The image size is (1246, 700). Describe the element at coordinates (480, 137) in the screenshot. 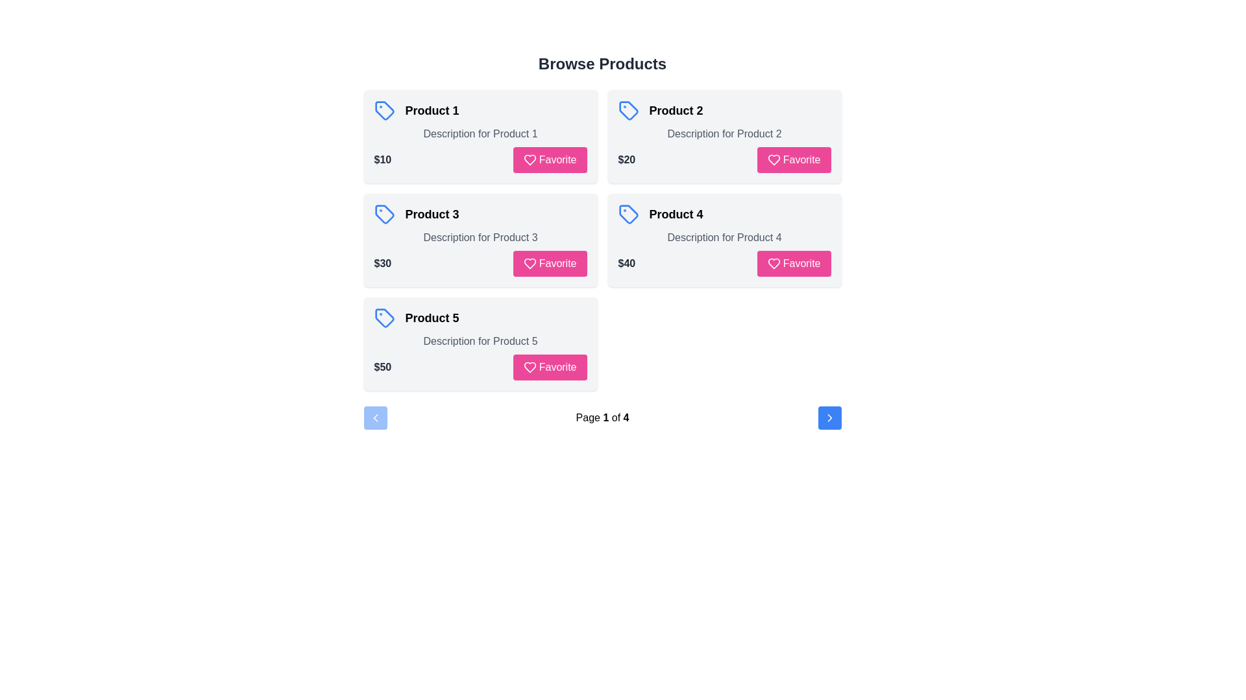

I see `product details from the first product card in the grid layout, which includes the product name, description, and price` at that location.